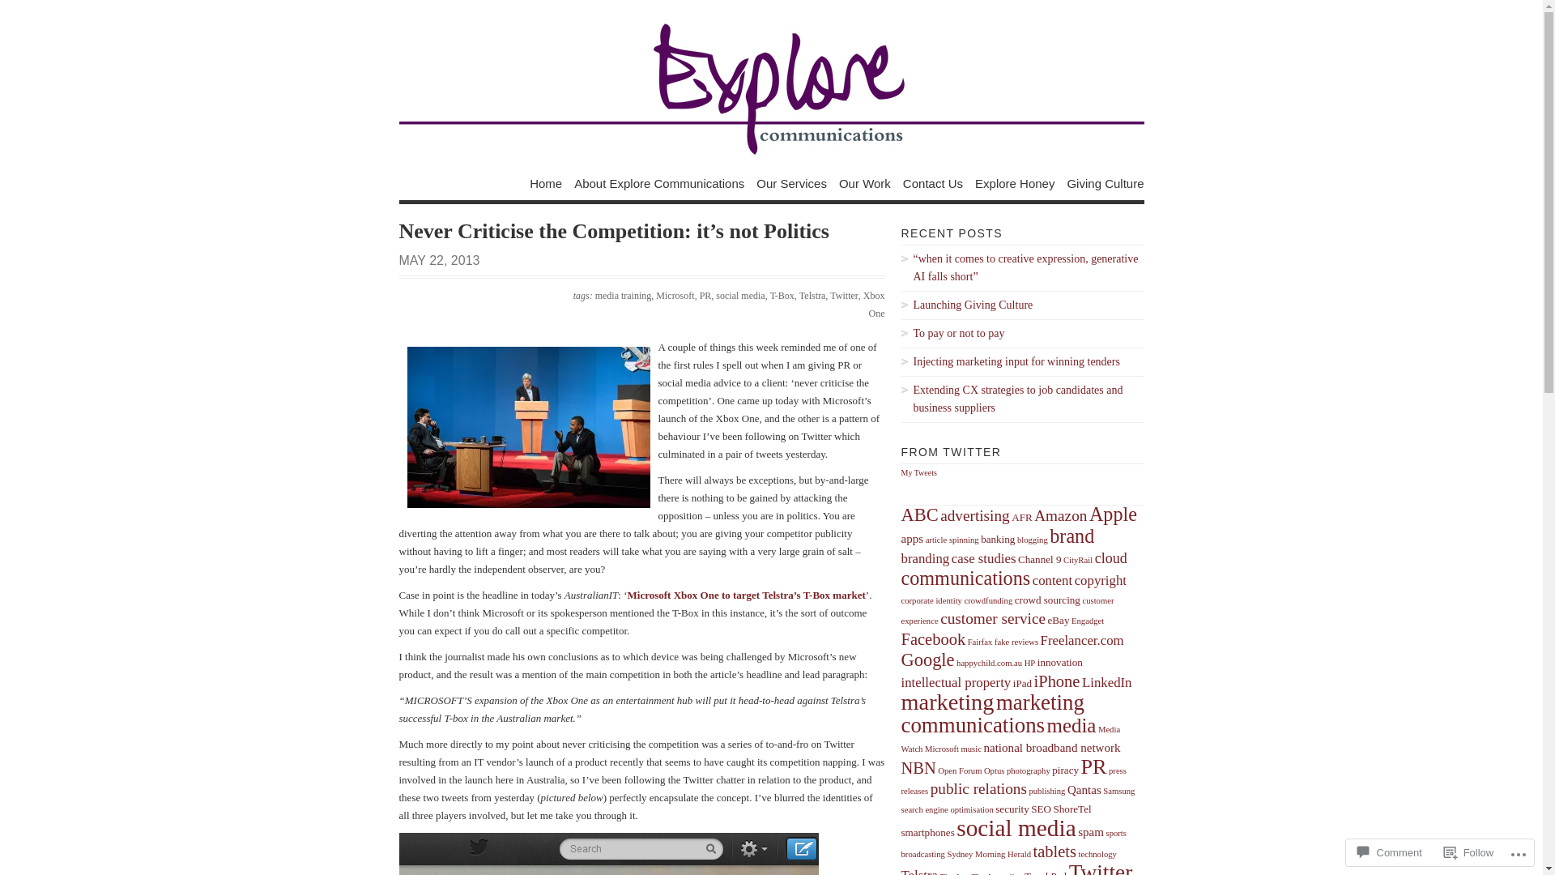  What do you see at coordinates (918, 472) in the screenshot?
I see `'My Tweets'` at bounding box center [918, 472].